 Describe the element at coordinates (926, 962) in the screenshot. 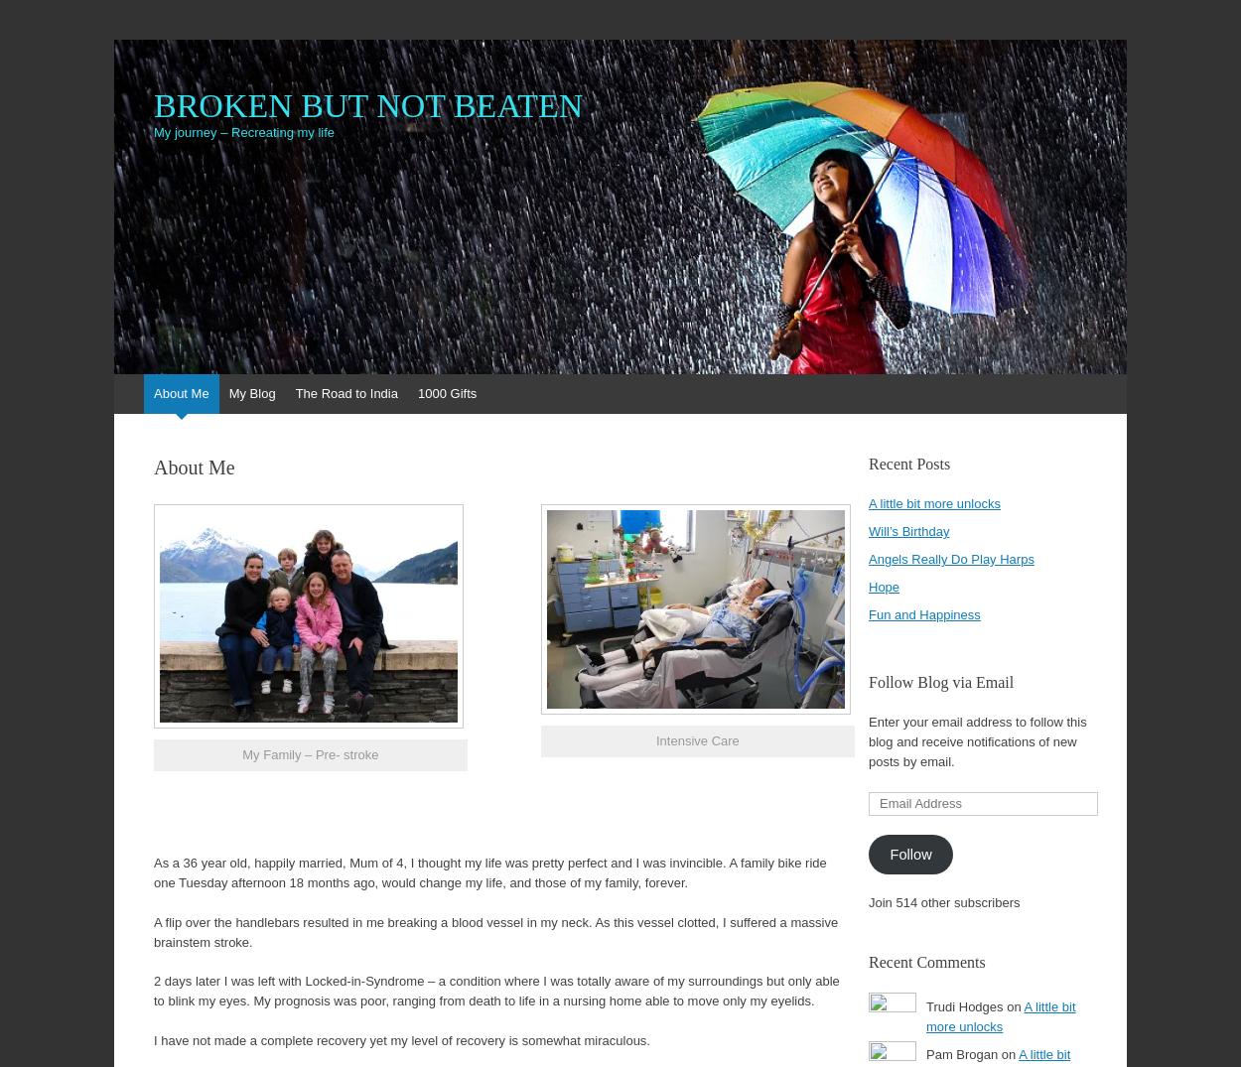

I see `'Recent Comments'` at that location.